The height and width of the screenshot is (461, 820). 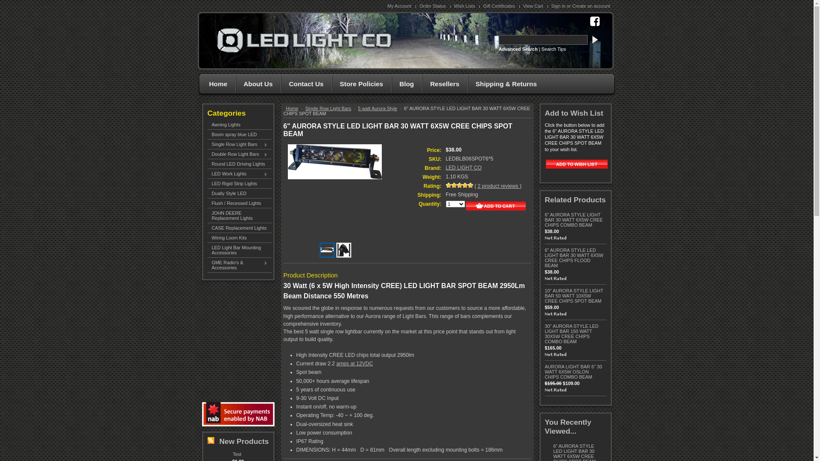 What do you see at coordinates (239, 193) in the screenshot?
I see `'Dually Style LED'` at bounding box center [239, 193].